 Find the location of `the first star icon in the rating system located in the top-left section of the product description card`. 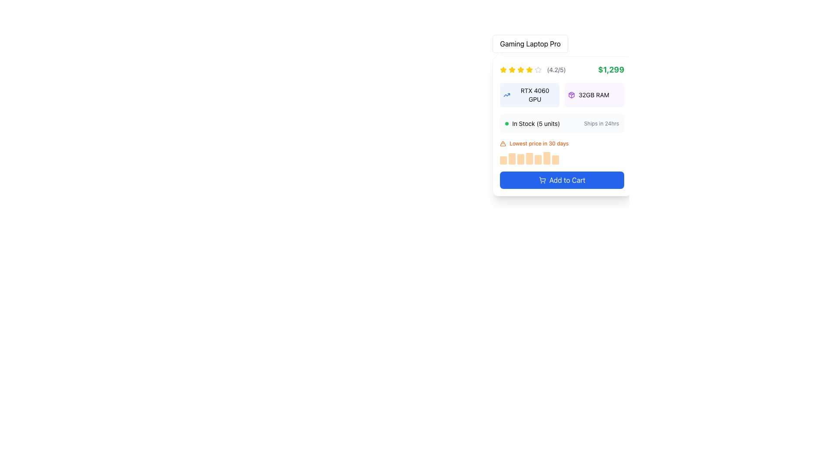

the first star icon in the rating system located in the top-left section of the product description card is located at coordinates (503, 69).